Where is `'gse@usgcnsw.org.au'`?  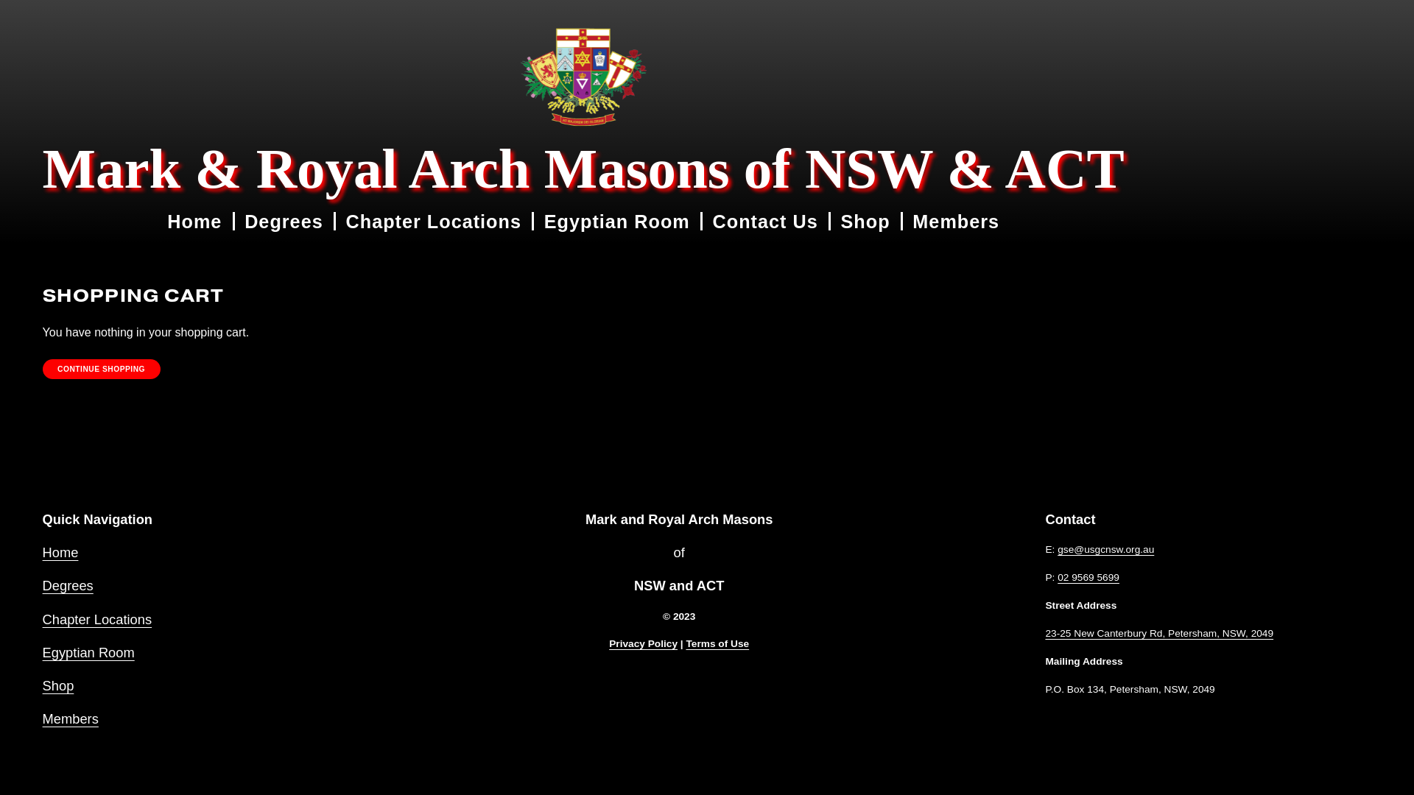
'gse@usgcnsw.org.au' is located at coordinates (1105, 550).